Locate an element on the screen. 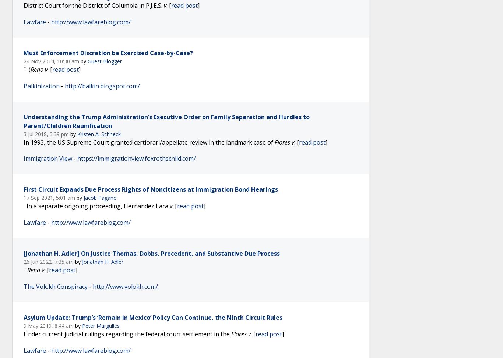  '3 Jul 2018, 3:39 pm' is located at coordinates (46, 133).